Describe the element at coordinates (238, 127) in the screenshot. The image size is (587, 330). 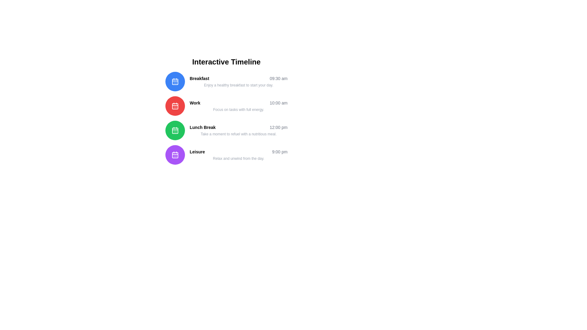
I see `it` at that location.